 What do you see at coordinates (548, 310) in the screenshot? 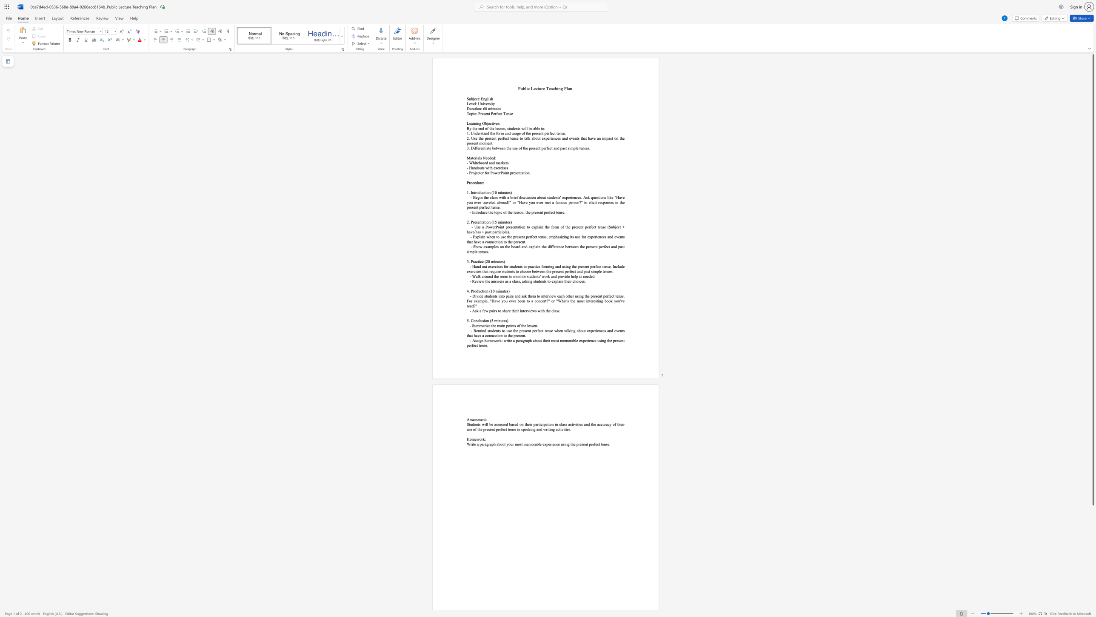
I see `the subset text "e class." within the text "- Ask a few pairs to share their interviews with the class."` at bounding box center [548, 310].